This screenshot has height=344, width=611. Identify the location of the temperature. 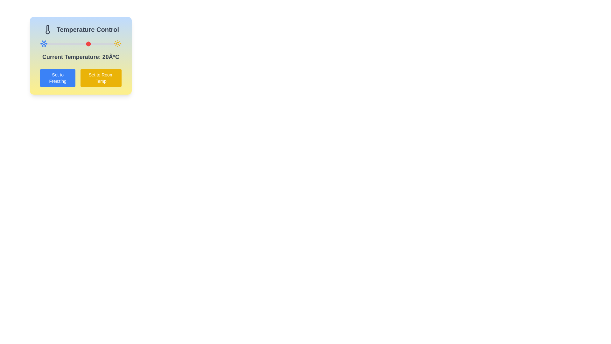
(45, 44).